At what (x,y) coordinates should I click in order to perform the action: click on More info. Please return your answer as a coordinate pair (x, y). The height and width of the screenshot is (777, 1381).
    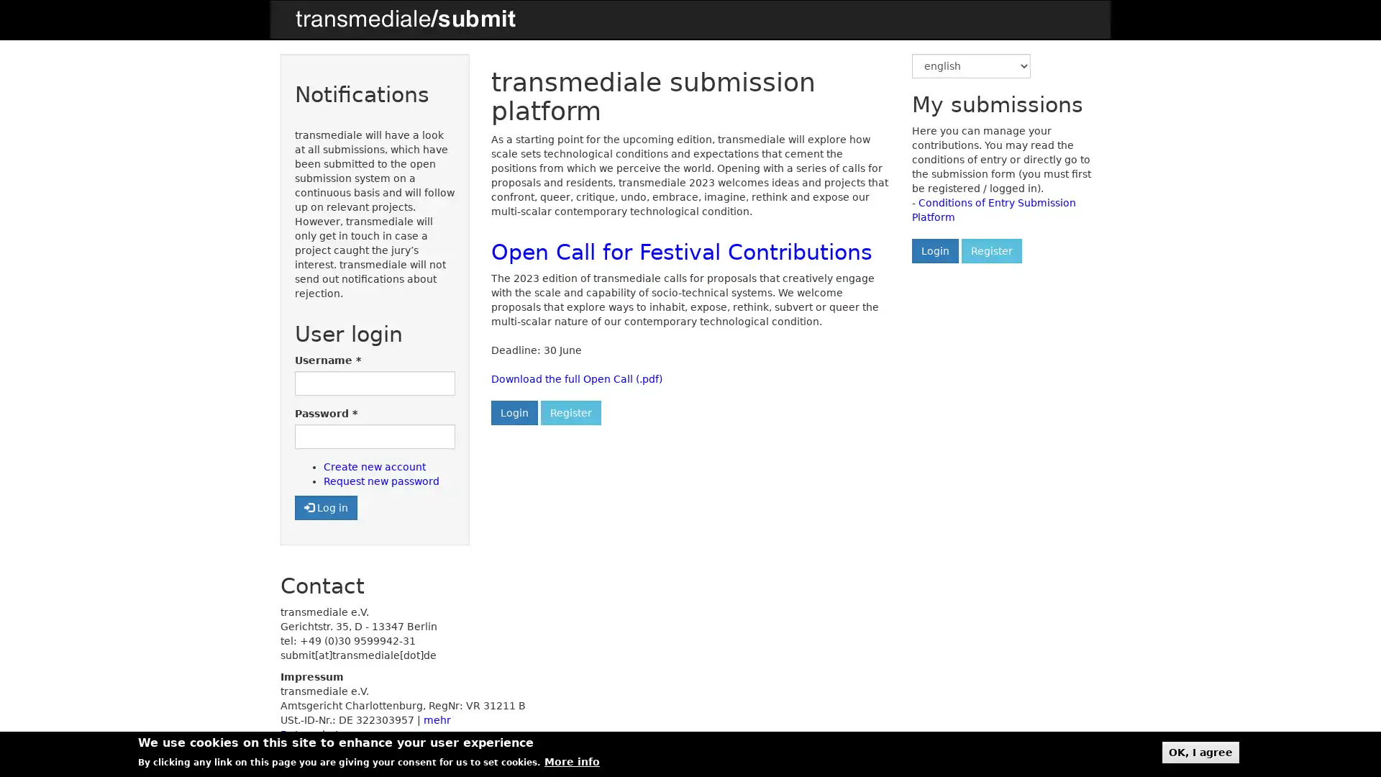
    Looking at the image, I should click on (571, 761).